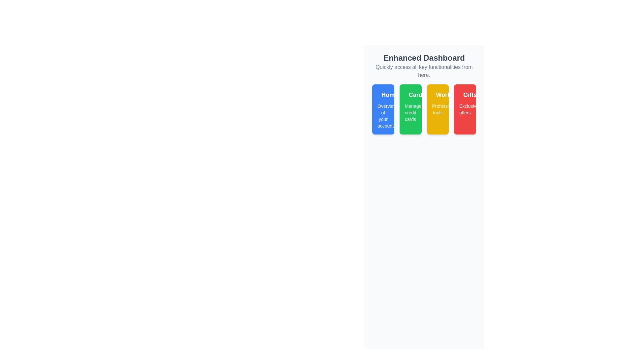 The width and height of the screenshot is (633, 356). I want to click on text label 'Professional tools' located in the third yellow card from the left, positioned below the 'Work' label, so click(437, 109).